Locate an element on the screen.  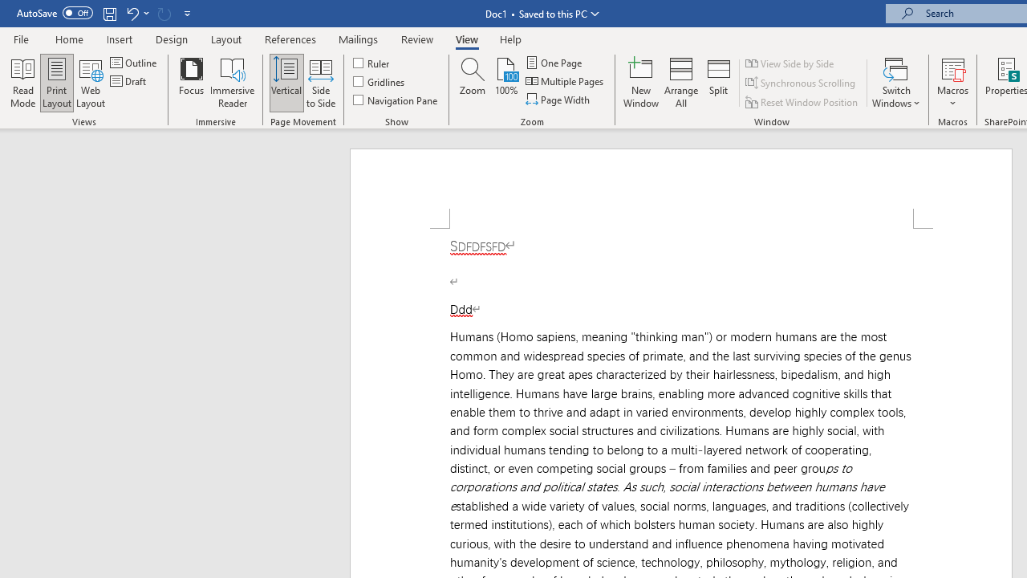
'Undo Apply Quick Style Set' is located at coordinates (132, 13).